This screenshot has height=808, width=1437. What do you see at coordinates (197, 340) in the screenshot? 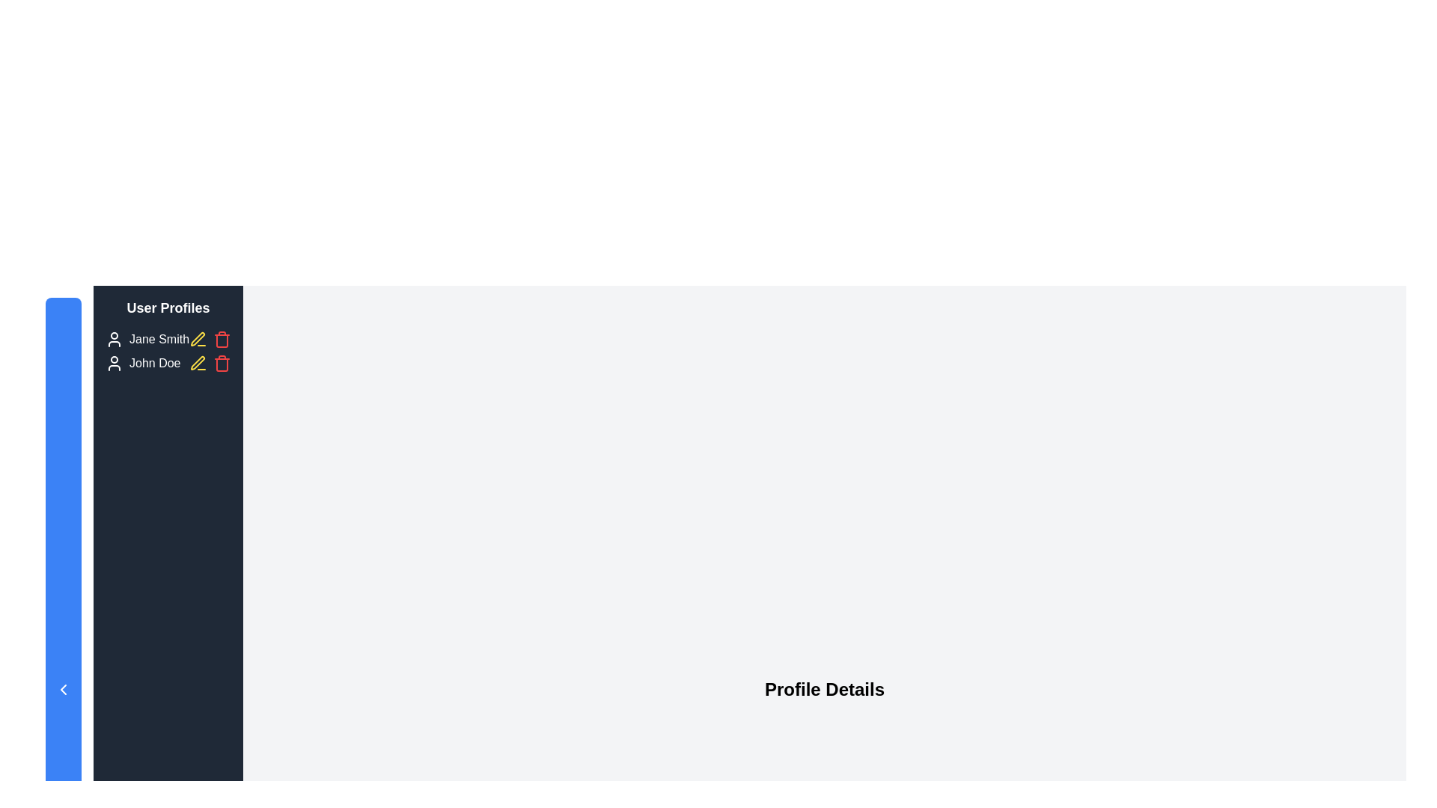
I see `the yellow pen-shaped icon next to 'Jane Smith' in the 'User Profiles' section` at bounding box center [197, 340].